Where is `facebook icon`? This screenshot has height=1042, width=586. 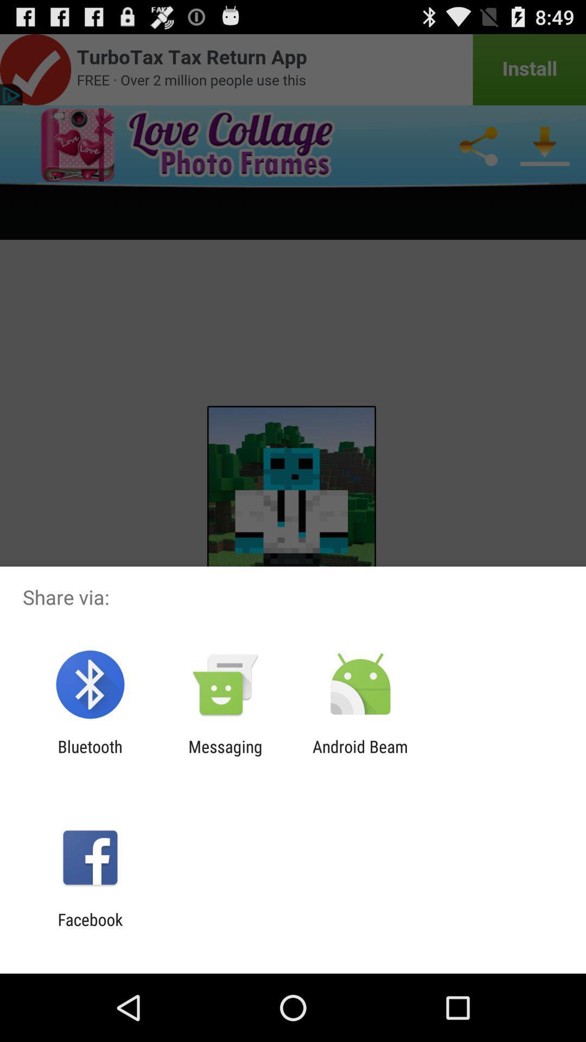
facebook icon is located at coordinates (90, 929).